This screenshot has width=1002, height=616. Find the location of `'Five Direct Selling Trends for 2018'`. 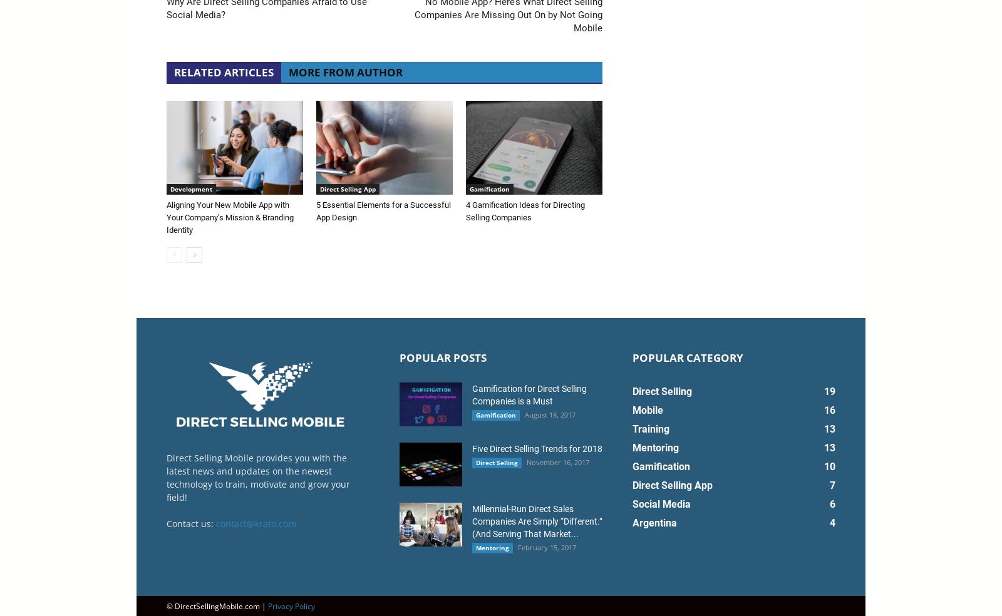

'Five Direct Selling Trends for 2018' is located at coordinates (537, 448).